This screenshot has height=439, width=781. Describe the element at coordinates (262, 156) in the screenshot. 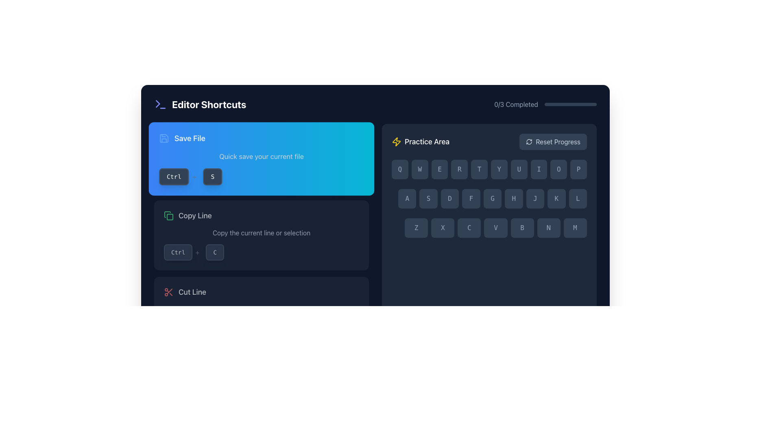

I see `the static text label that provides instructions about saving the current file, located in the blue gradient section labeled 'Save File'` at that location.